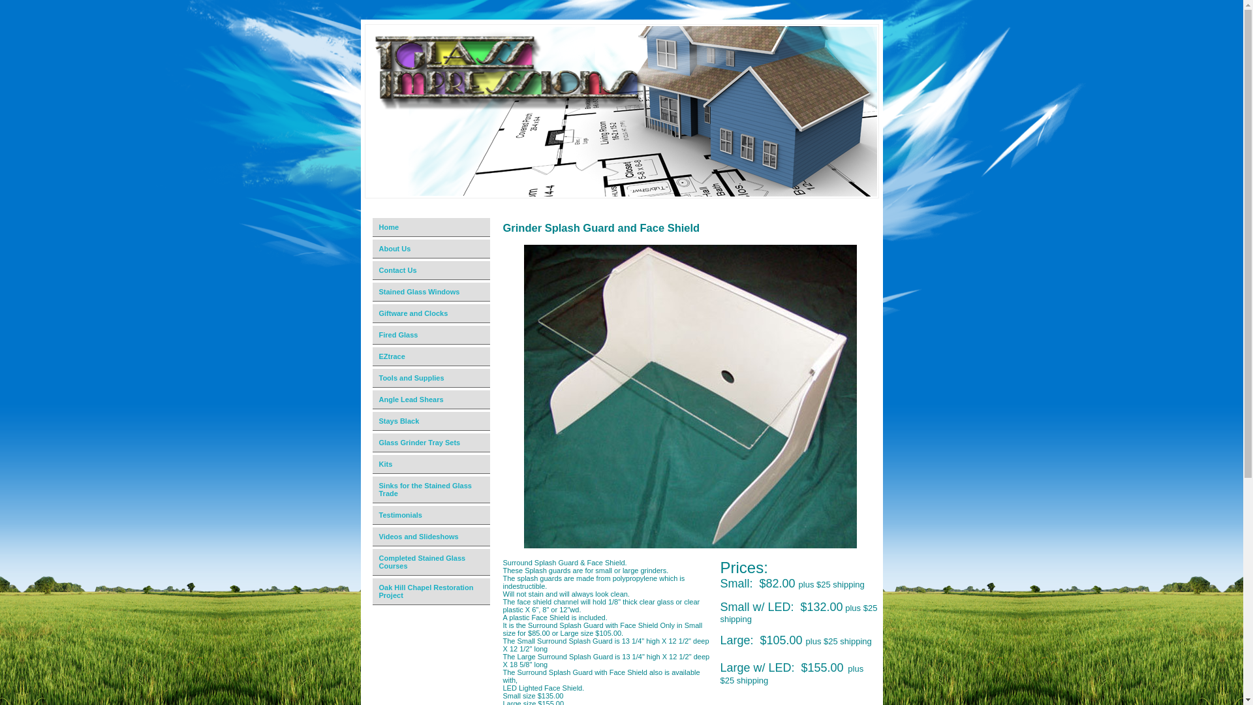  What do you see at coordinates (432, 514) in the screenshot?
I see `'Testimonials'` at bounding box center [432, 514].